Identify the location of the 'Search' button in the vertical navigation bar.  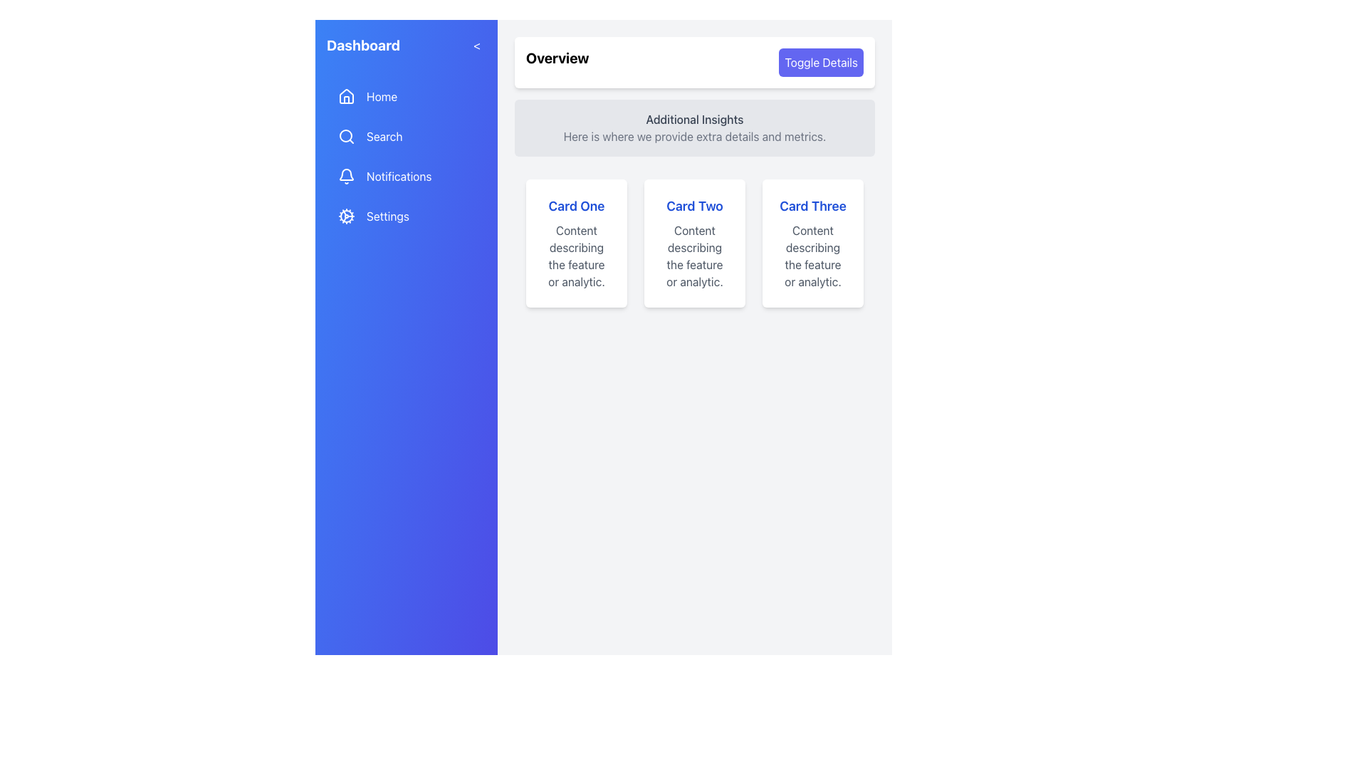
(406, 156).